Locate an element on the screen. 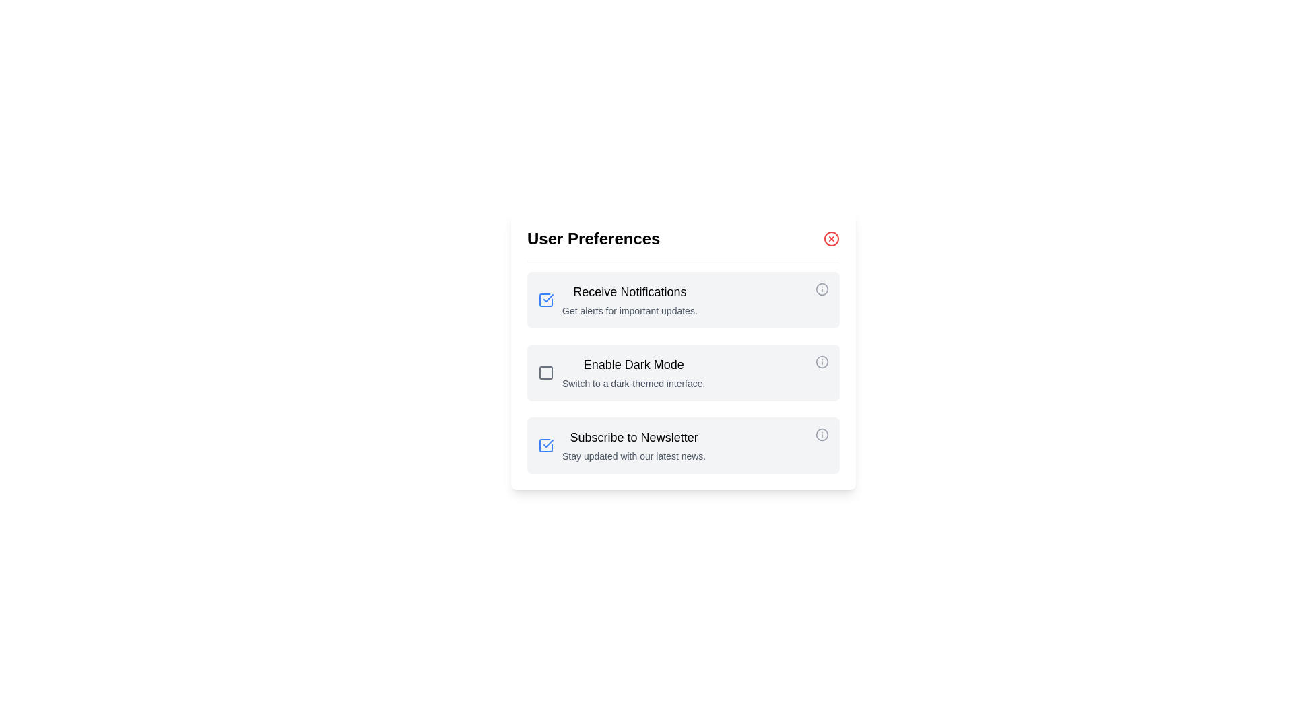 Image resolution: width=1293 pixels, height=727 pixels. the close icon located in the top-right corner of the 'User Preferences' card, which is represented by an X in a circle SVG is located at coordinates (830, 238).